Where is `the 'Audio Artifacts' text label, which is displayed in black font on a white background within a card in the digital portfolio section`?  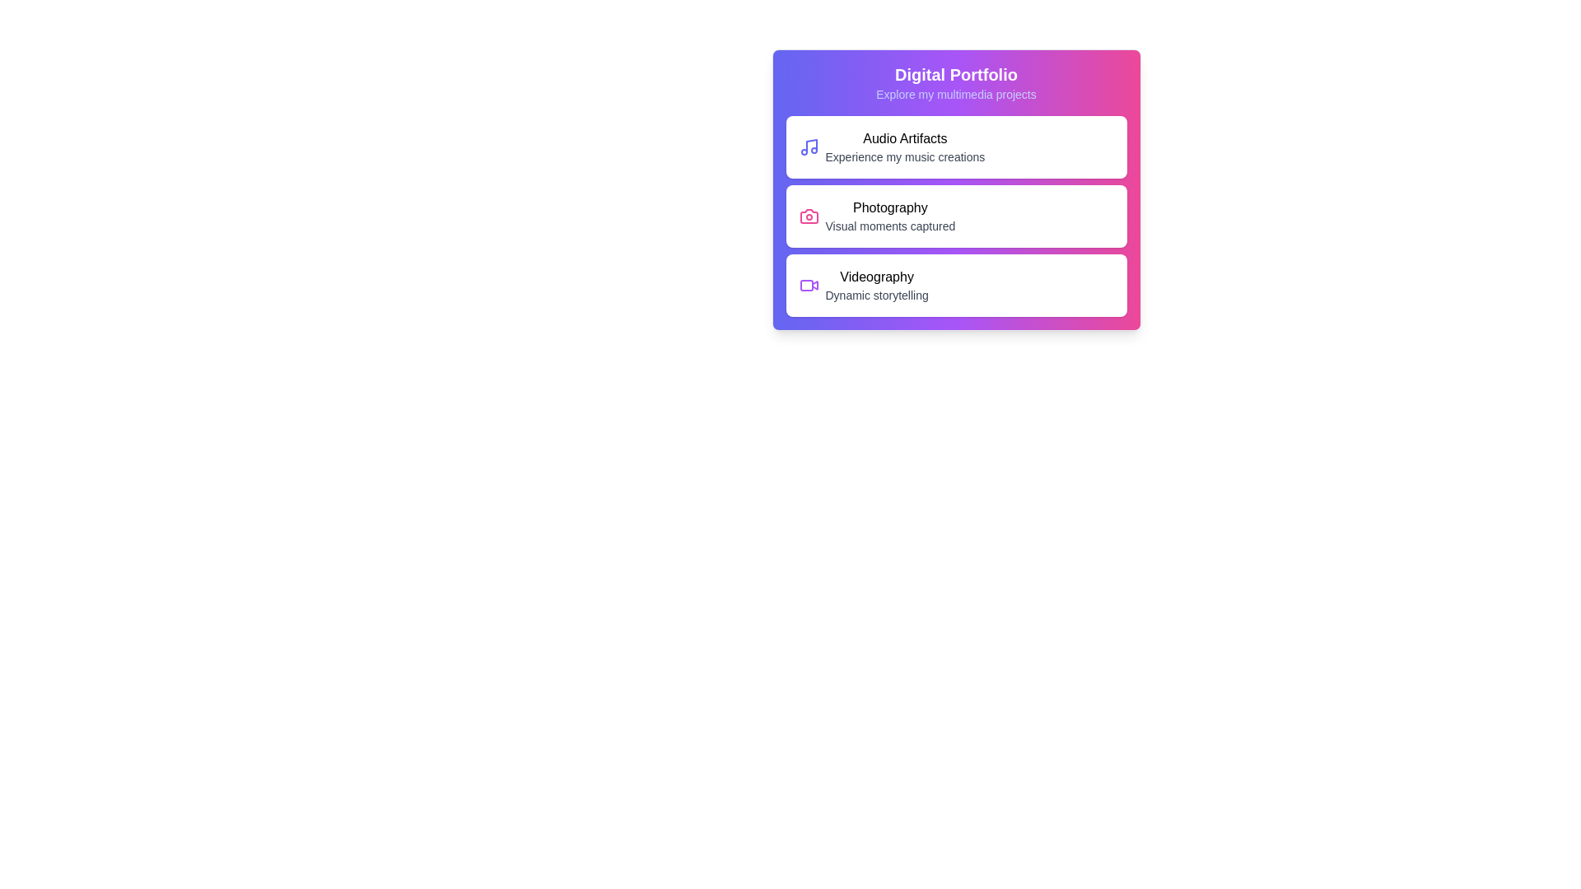
the 'Audio Artifacts' text label, which is displayed in black font on a white background within a card in the digital portfolio section is located at coordinates (904, 138).